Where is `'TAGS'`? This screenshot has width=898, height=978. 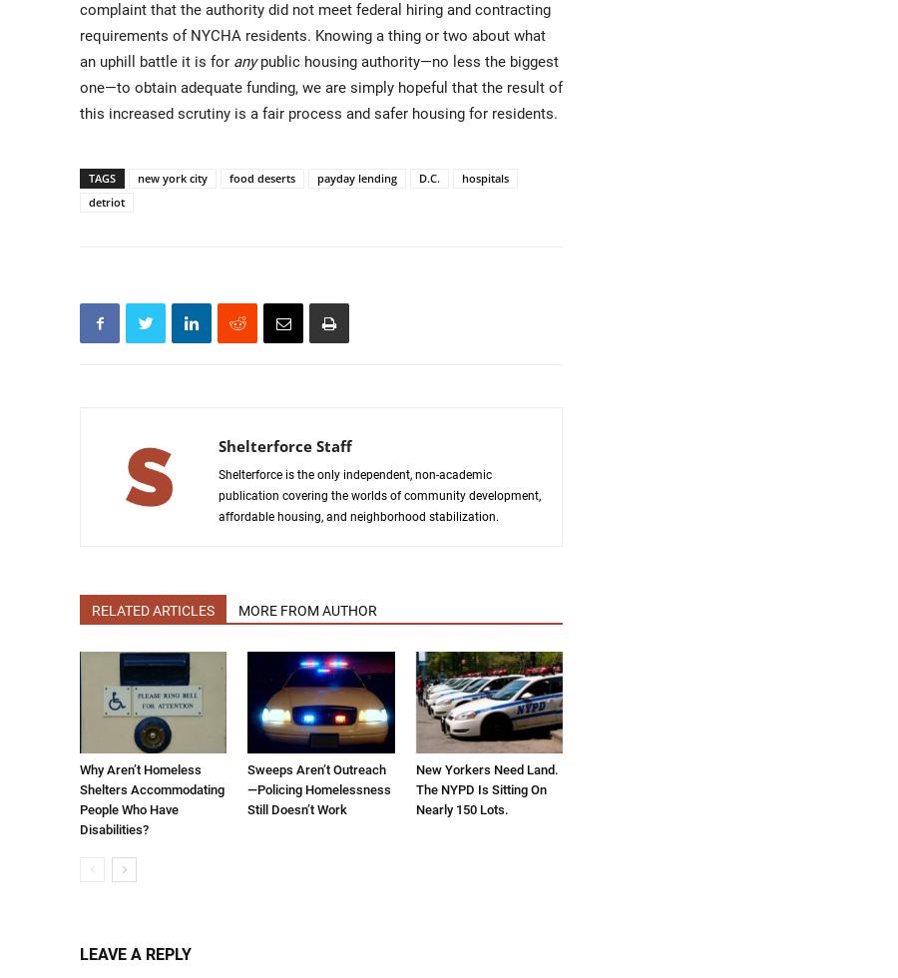 'TAGS' is located at coordinates (88, 178).